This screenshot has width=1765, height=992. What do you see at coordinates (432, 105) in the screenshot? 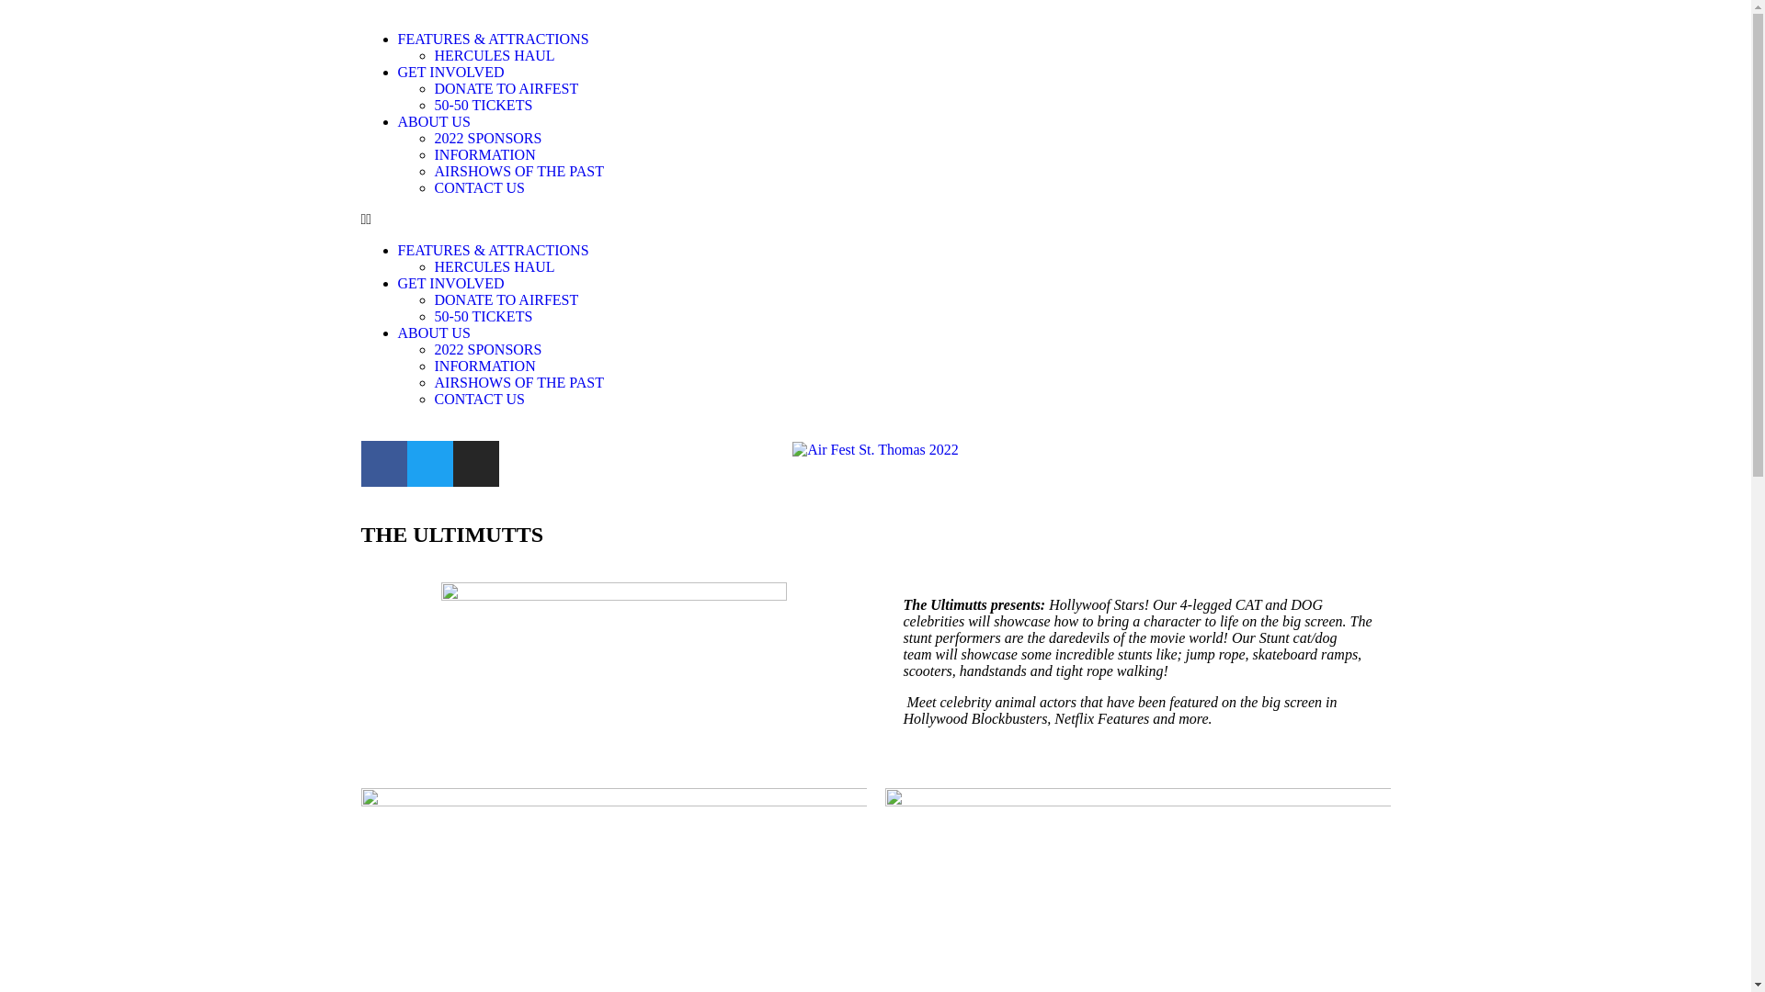
I see `'50-50 TICKETS'` at bounding box center [432, 105].